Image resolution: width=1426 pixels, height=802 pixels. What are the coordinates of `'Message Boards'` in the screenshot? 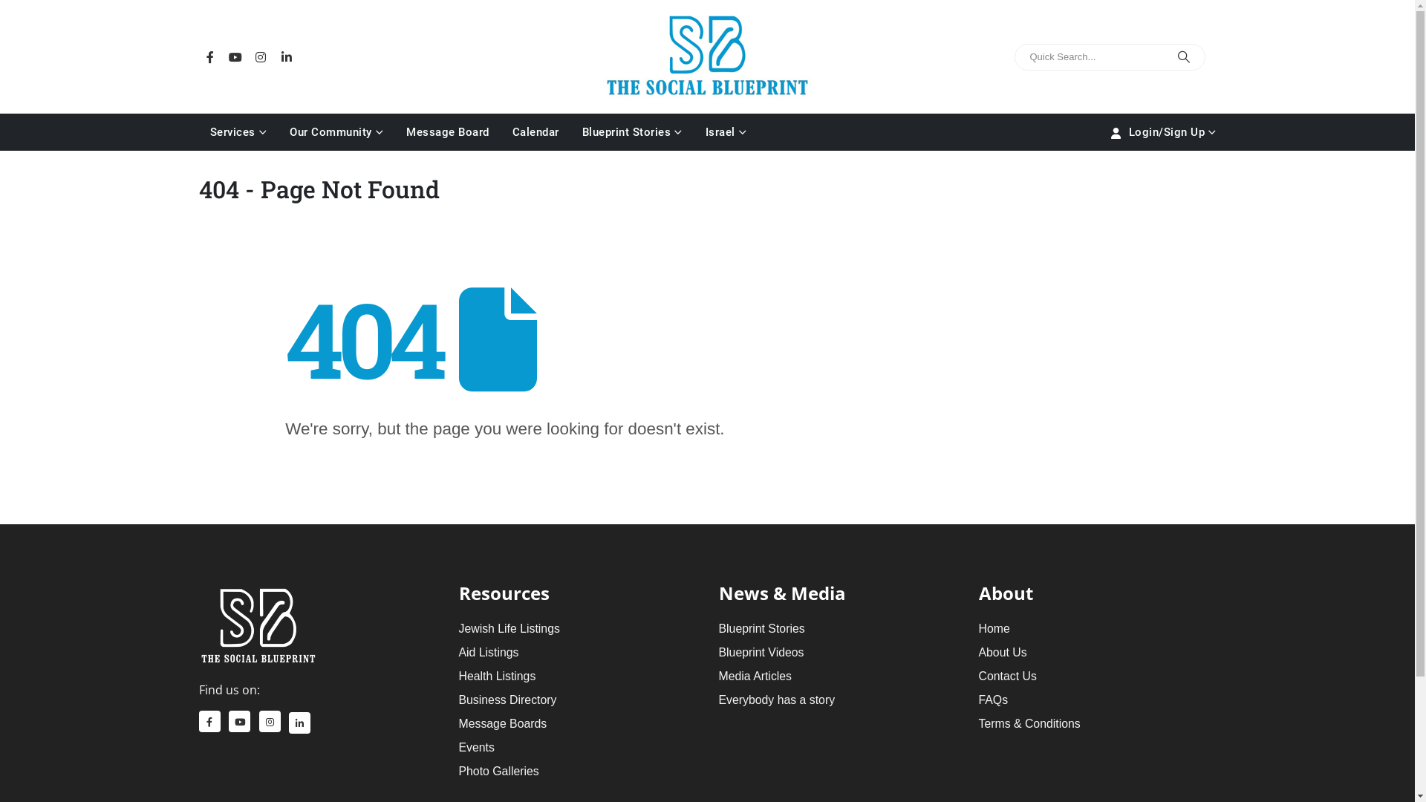 It's located at (503, 723).